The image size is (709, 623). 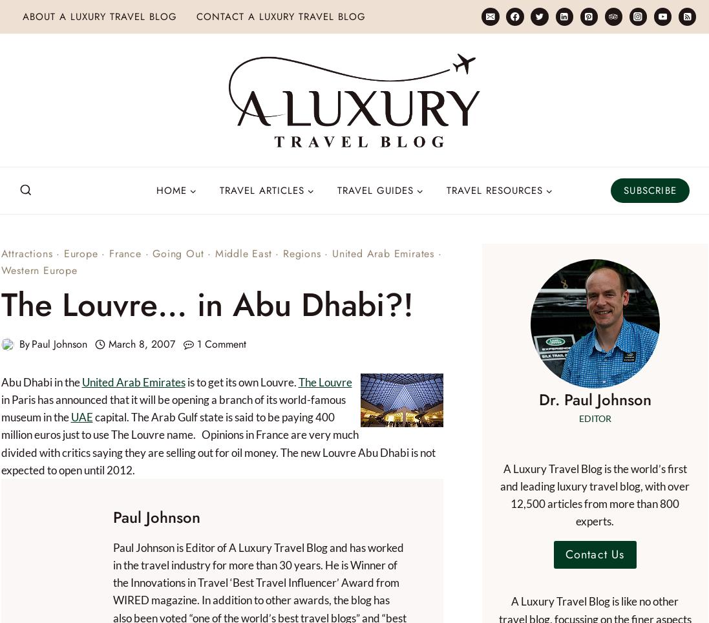 I want to click on 'The Louvre… in Abu Dhabi?!', so click(x=206, y=304).